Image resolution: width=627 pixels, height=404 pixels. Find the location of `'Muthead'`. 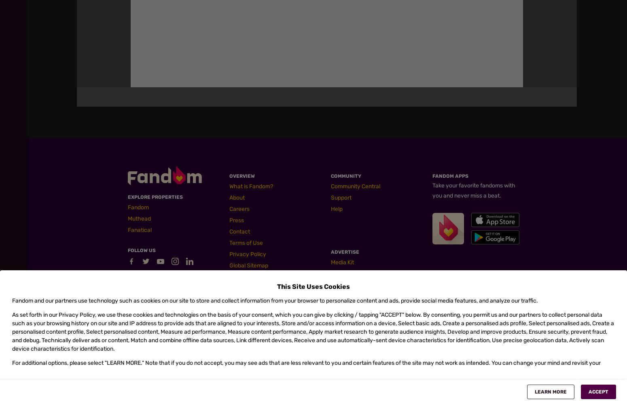

'Muthead' is located at coordinates (139, 219).